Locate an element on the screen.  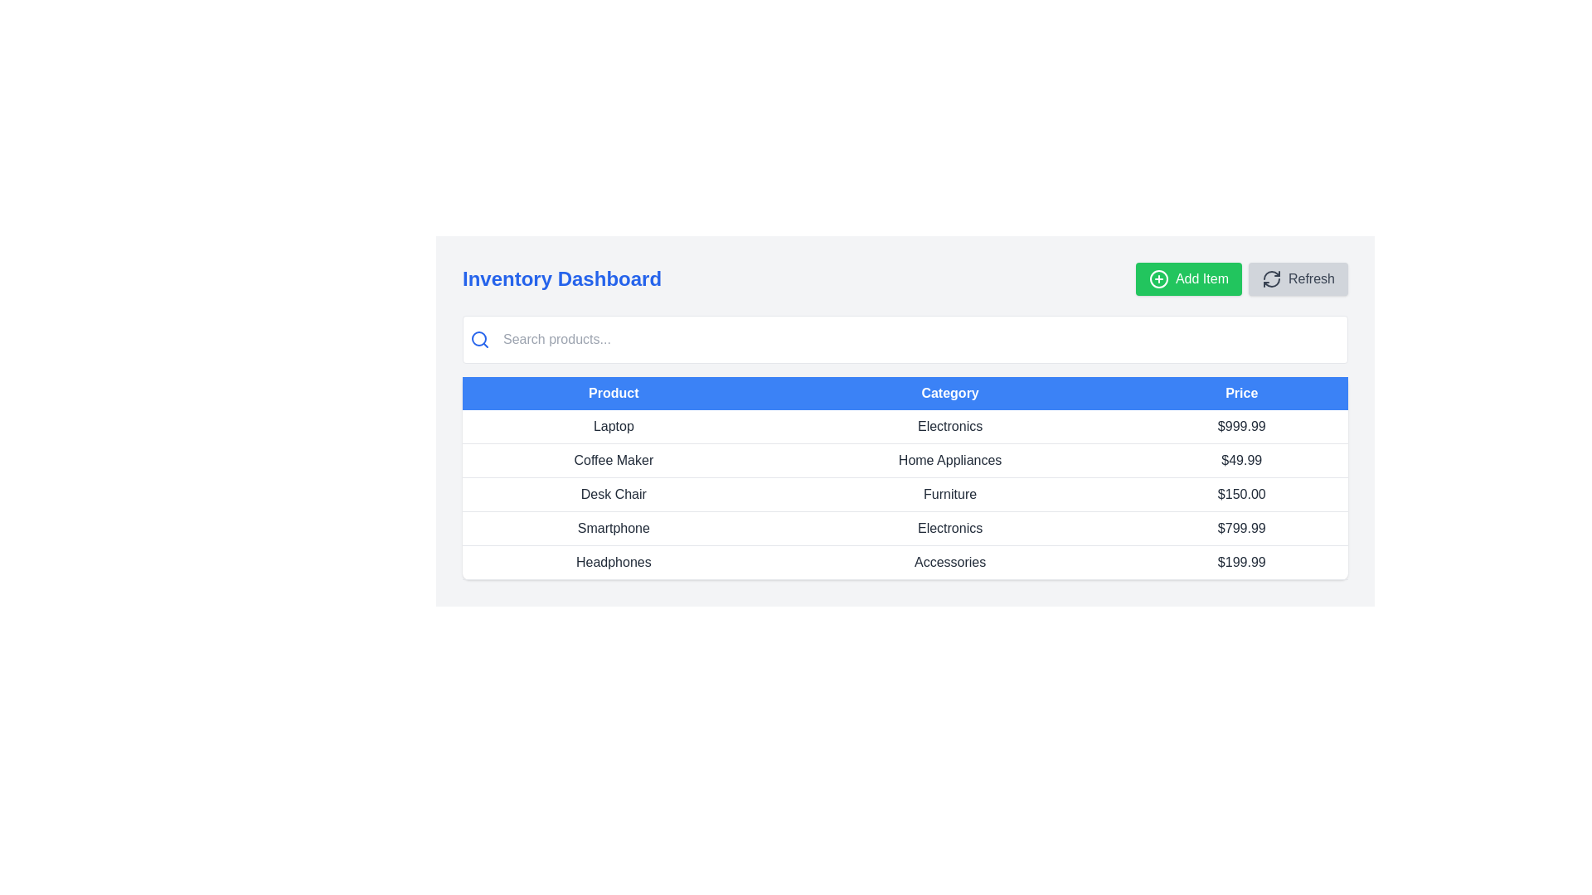
the 'Price' text label, which is the third column header in the table, styled with a medium-sized white font on a bright blue background is located at coordinates (1241, 393).